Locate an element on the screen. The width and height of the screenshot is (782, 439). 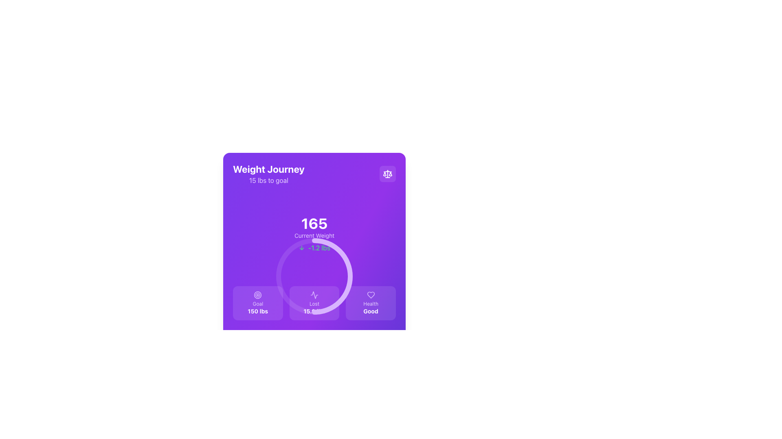
the third log entry card displaying a date from two days ago, weight 166.2 lbs, and a change in weight of -0.3 lbs, located near the bottom of the vertical list is located at coordinates (314, 423).